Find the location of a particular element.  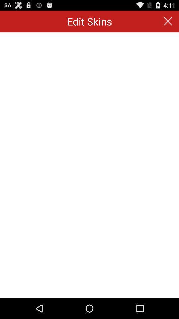

page is located at coordinates (168, 21).